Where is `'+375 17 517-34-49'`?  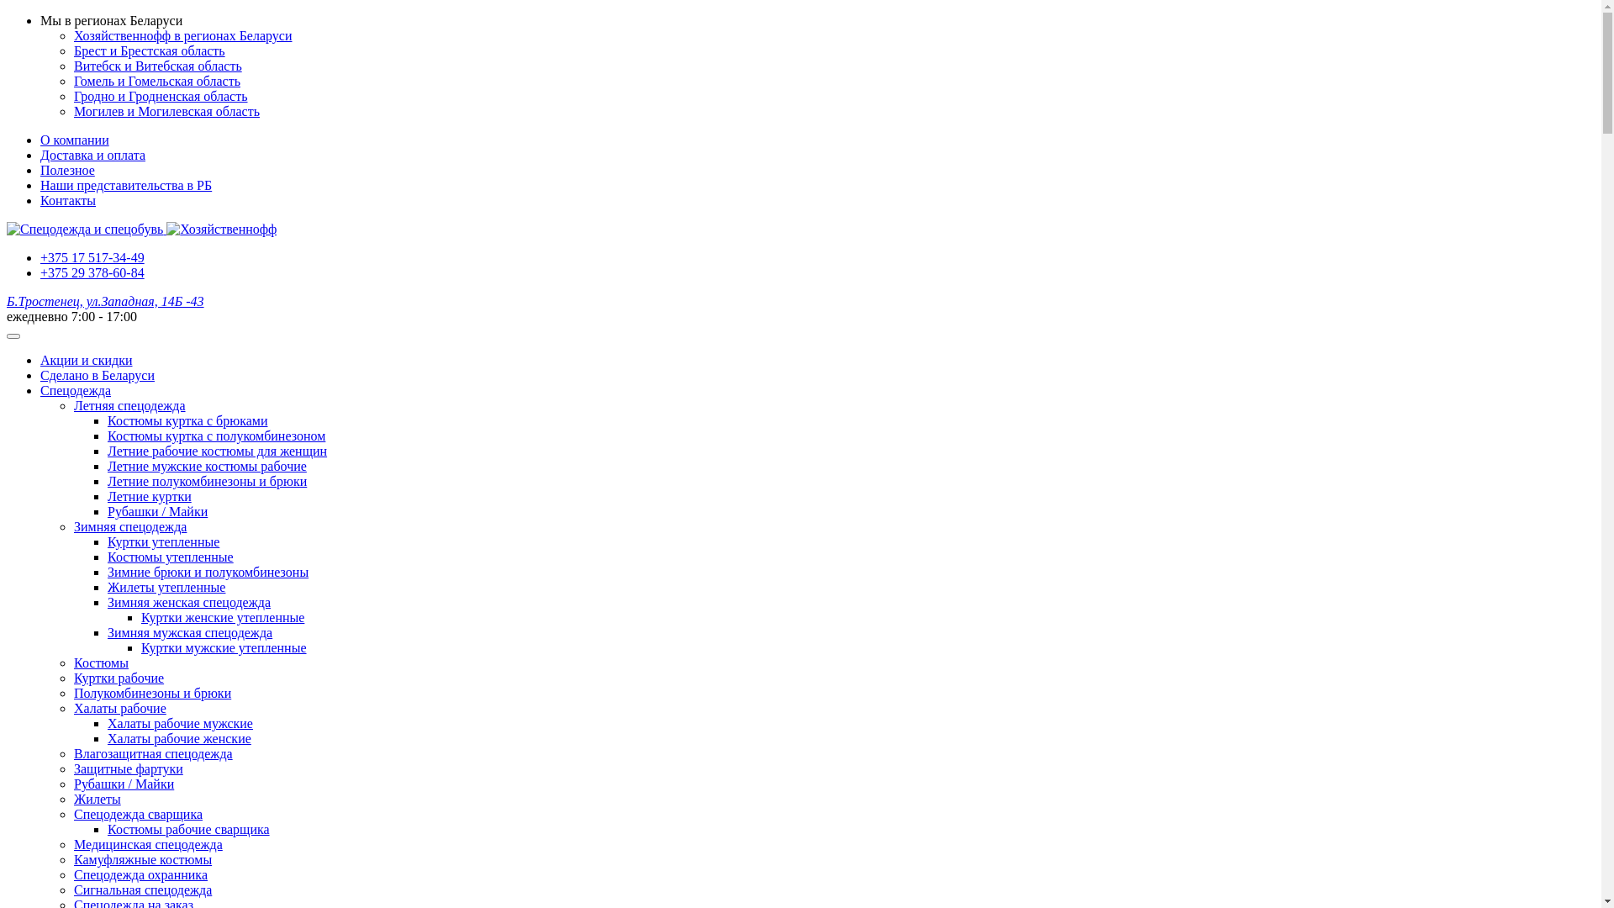 '+375 17 517-34-49' is located at coordinates (92, 257).